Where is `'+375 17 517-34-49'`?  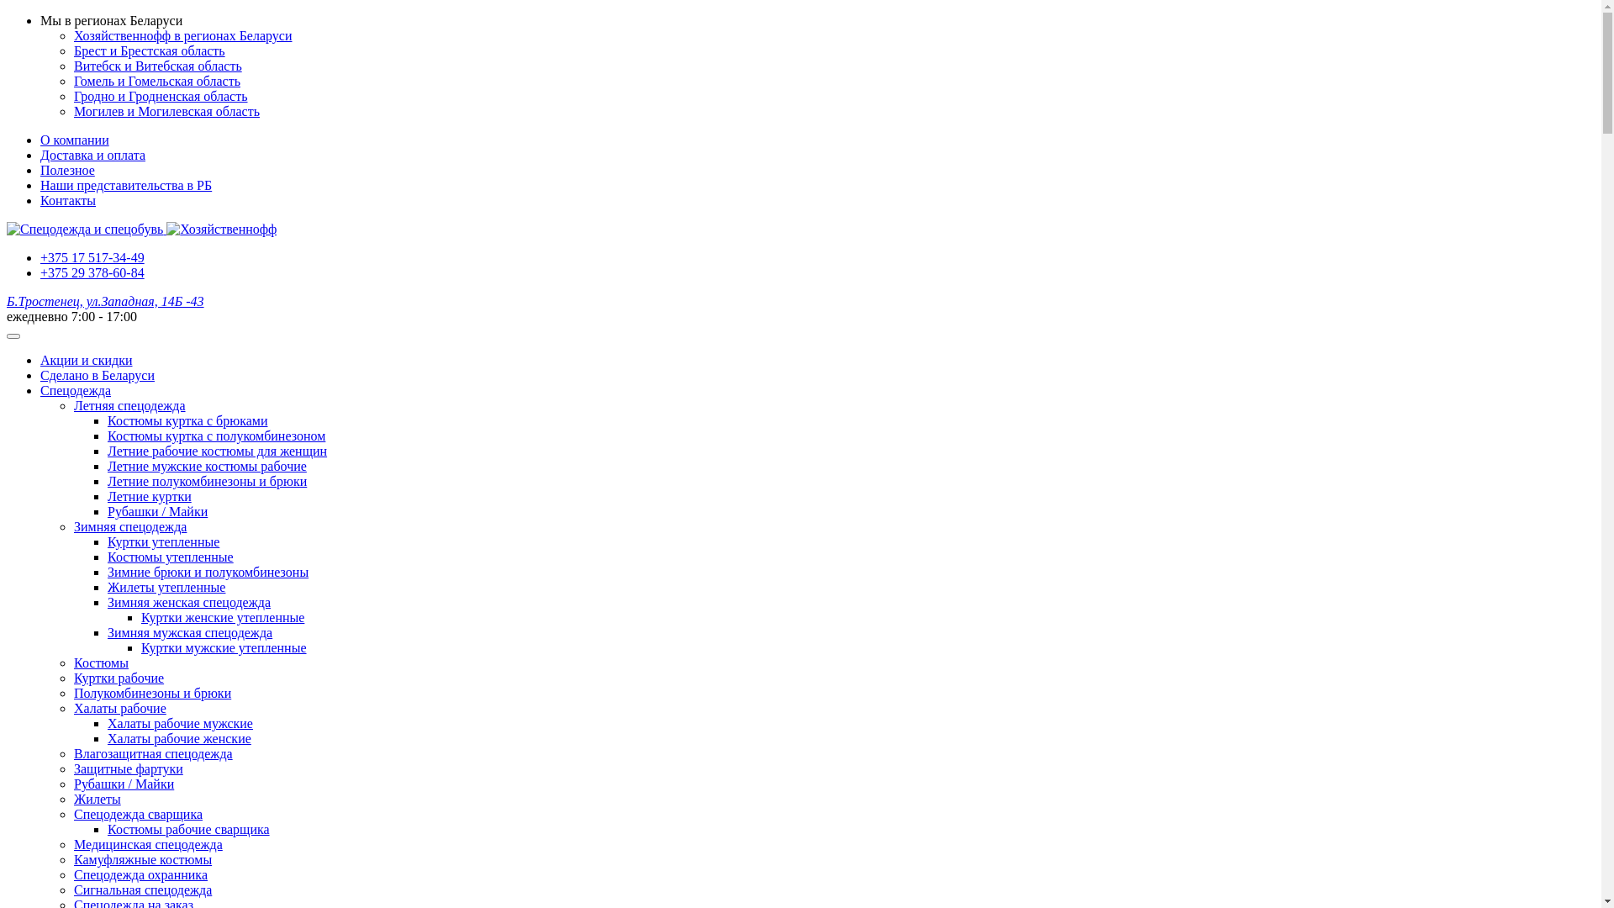 '+375 17 517-34-49' is located at coordinates (92, 257).